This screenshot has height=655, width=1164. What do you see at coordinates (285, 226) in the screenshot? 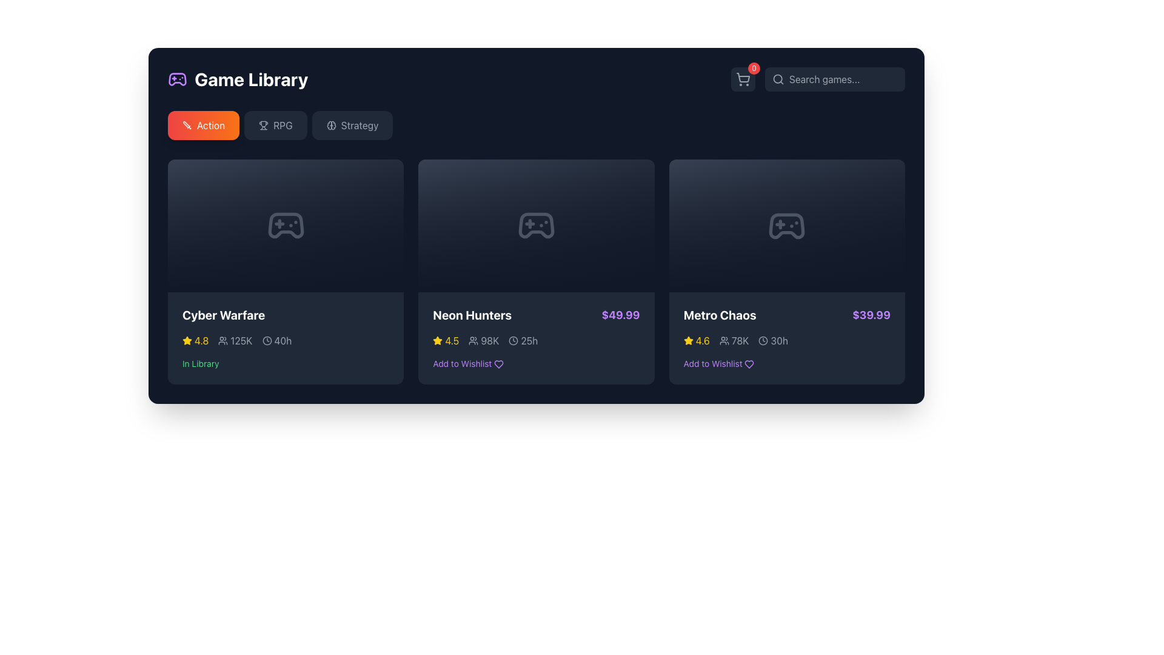
I see `the game controller icon, which is styled gray and located in the first content card of the game 'Cyber Warfare', featuring a symmetrical design with buttons and a directional cross` at bounding box center [285, 226].